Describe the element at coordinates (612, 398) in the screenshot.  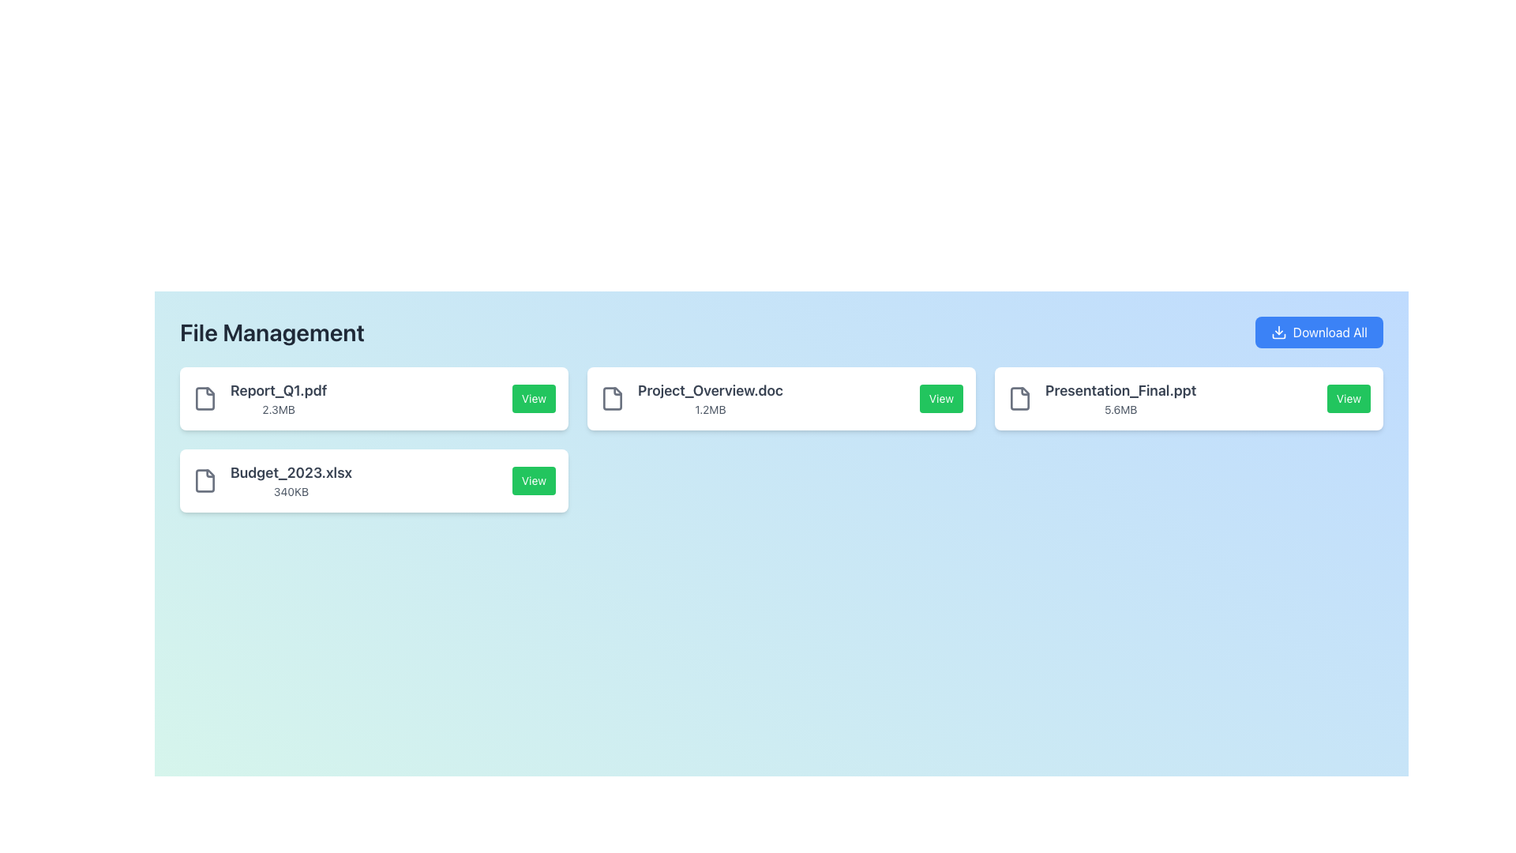
I see `the document file icon, which is a grayish square-shaped icon located to the left of the text 'Project_Overview.doc'` at that location.